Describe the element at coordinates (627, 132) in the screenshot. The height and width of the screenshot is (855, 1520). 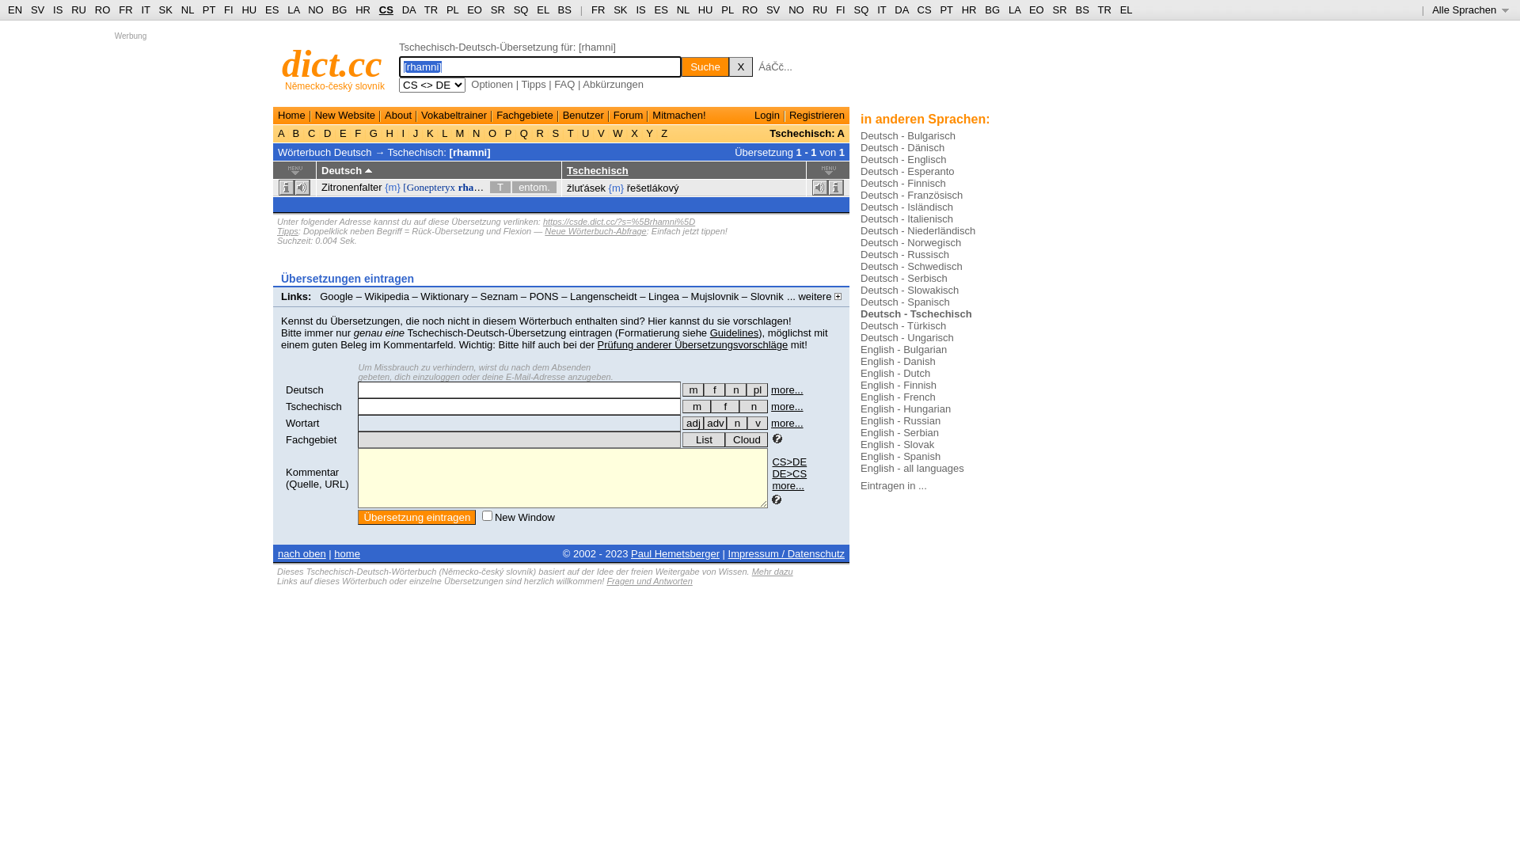
I see `'X'` at that location.